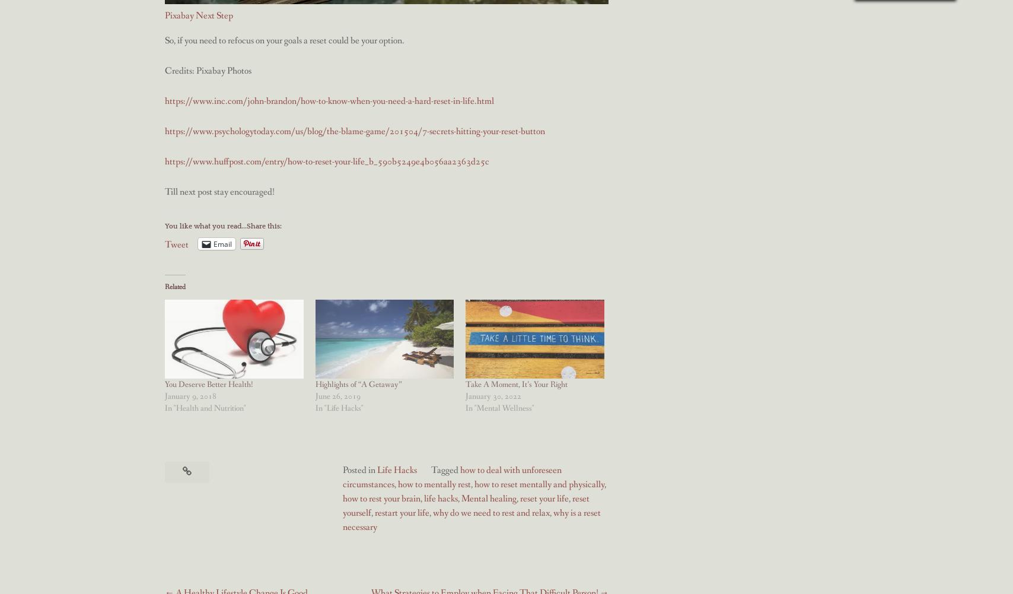  Describe the element at coordinates (199, 15) in the screenshot. I see `'Pixabay Next Step'` at that location.